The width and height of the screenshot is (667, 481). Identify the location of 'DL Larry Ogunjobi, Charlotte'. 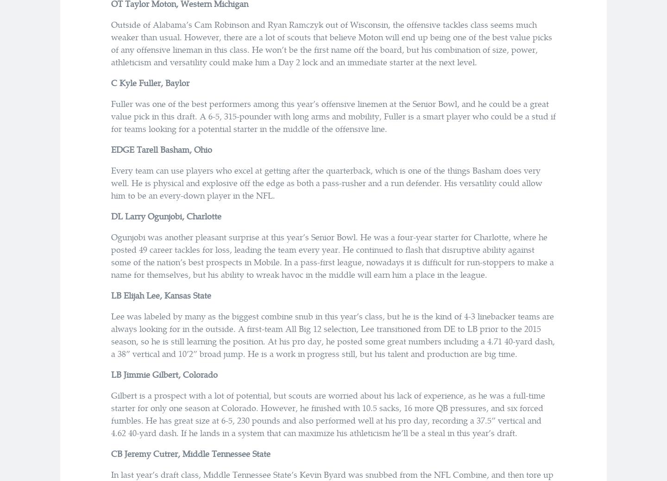
(166, 215).